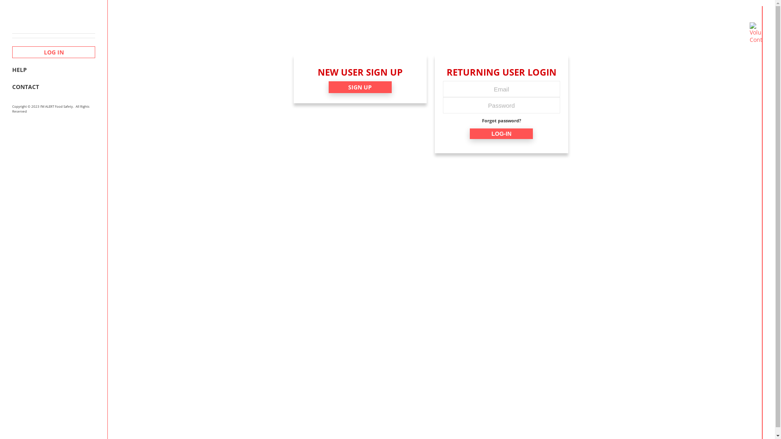 This screenshot has height=439, width=781. What do you see at coordinates (12, 87) in the screenshot?
I see `'CONTACT'` at bounding box center [12, 87].